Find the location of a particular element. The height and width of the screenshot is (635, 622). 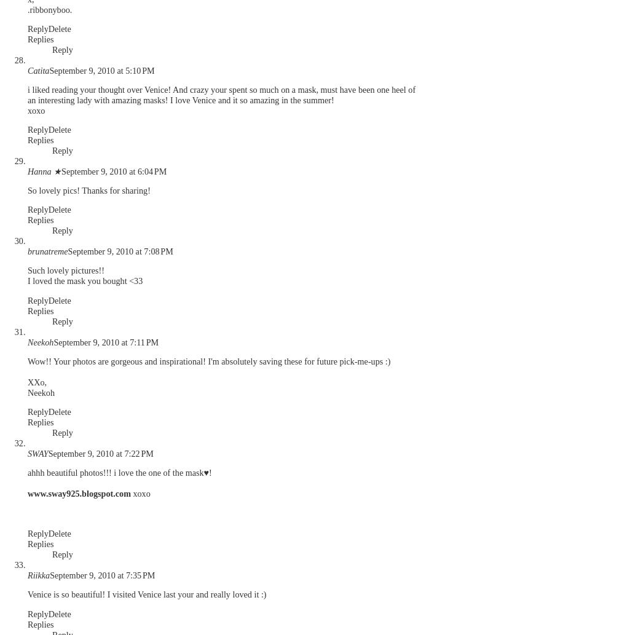

'Riikka' is located at coordinates (38, 575).